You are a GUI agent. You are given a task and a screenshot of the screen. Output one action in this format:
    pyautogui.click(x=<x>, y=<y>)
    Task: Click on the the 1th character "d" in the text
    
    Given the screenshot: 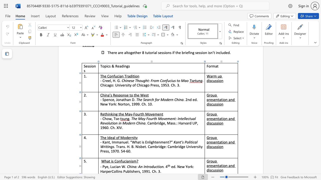 What is the action you would take?
    pyautogui.click(x=233, y=165)
    